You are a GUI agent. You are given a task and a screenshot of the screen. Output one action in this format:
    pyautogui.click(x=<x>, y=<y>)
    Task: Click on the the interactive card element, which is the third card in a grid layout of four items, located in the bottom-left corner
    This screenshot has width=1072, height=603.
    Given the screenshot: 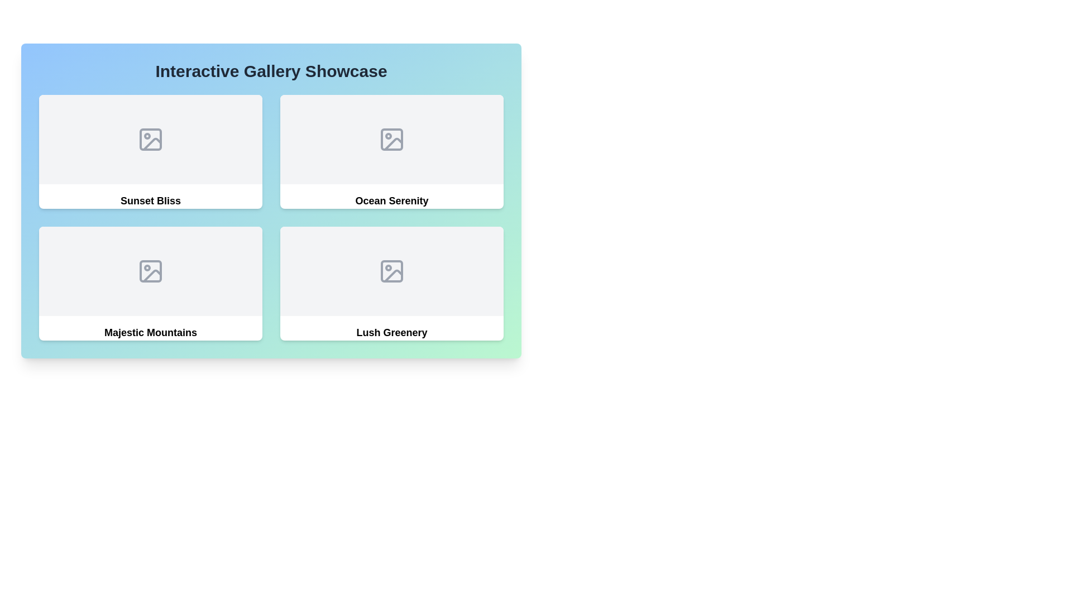 What is the action you would take?
    pyautogui.click(x=150, y=283)
    